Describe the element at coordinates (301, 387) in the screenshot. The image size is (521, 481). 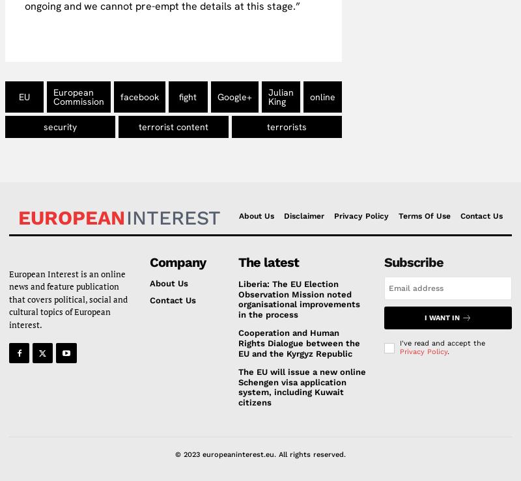
I see `'The EU will issue a new online Schengen visa application system, including Kuwait citizens'` at that location.